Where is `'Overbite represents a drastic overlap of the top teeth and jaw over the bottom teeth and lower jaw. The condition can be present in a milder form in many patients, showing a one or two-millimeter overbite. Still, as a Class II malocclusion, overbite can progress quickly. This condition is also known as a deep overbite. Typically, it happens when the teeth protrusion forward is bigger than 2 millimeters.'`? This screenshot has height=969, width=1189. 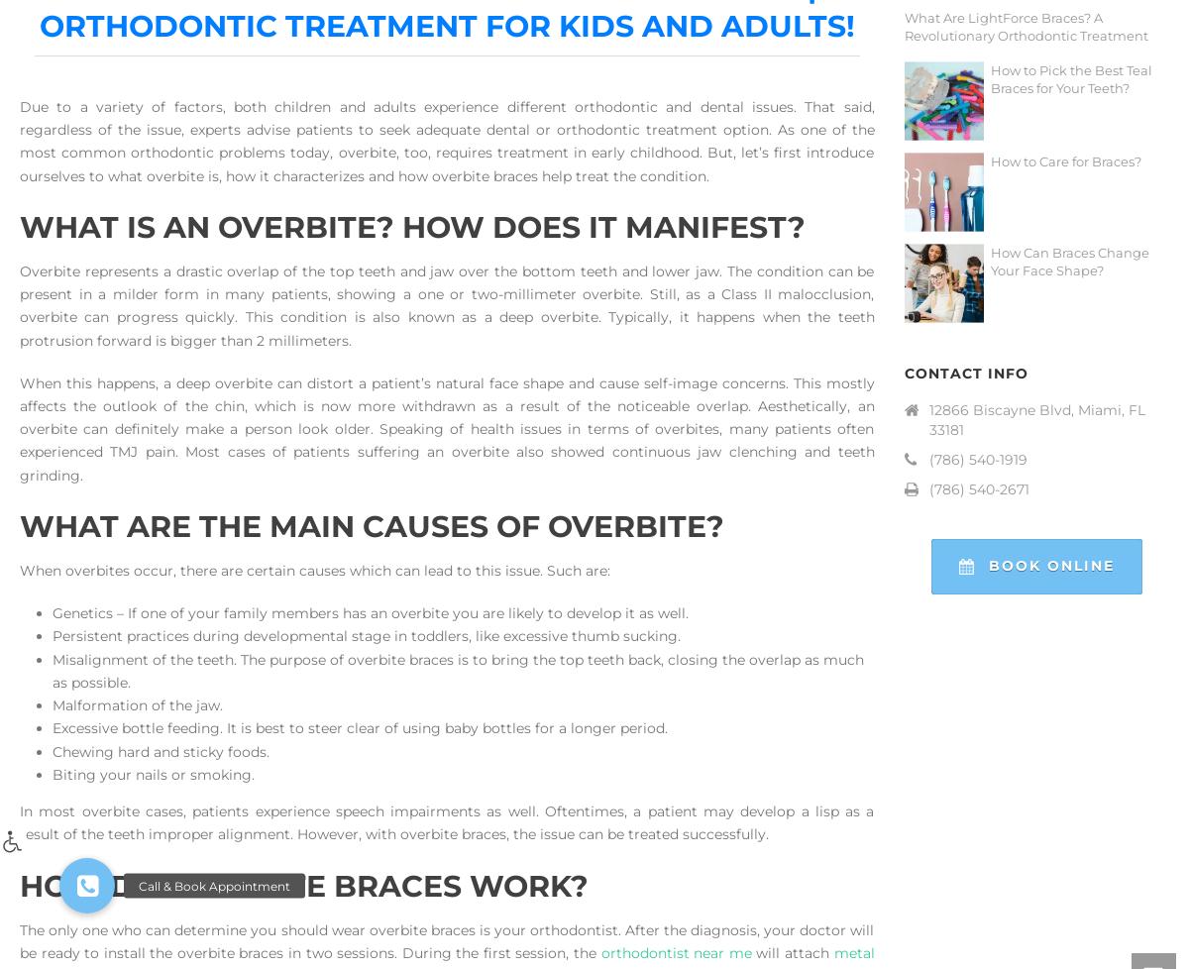
'Overbite represents a drastic overlap of the top teeth and jaw over the bottom teeth and lower jaw. The condition can be present in a milder form in many patients, showing a one or two-millimeter overbite. Still, as a Class II malocclusion, overbite can progress quickly. This condition is also known as a deep overbite. Typically, it happens when the teeth protrusion forward is bigger than 2 millimeters.' is located at coordinates (446, 303).